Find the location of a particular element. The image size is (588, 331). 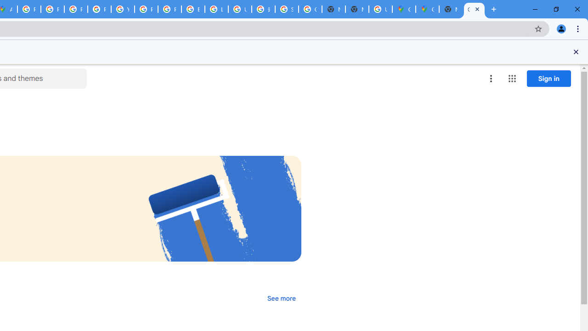

'Google Maps' is located at coordinates (427, 9).